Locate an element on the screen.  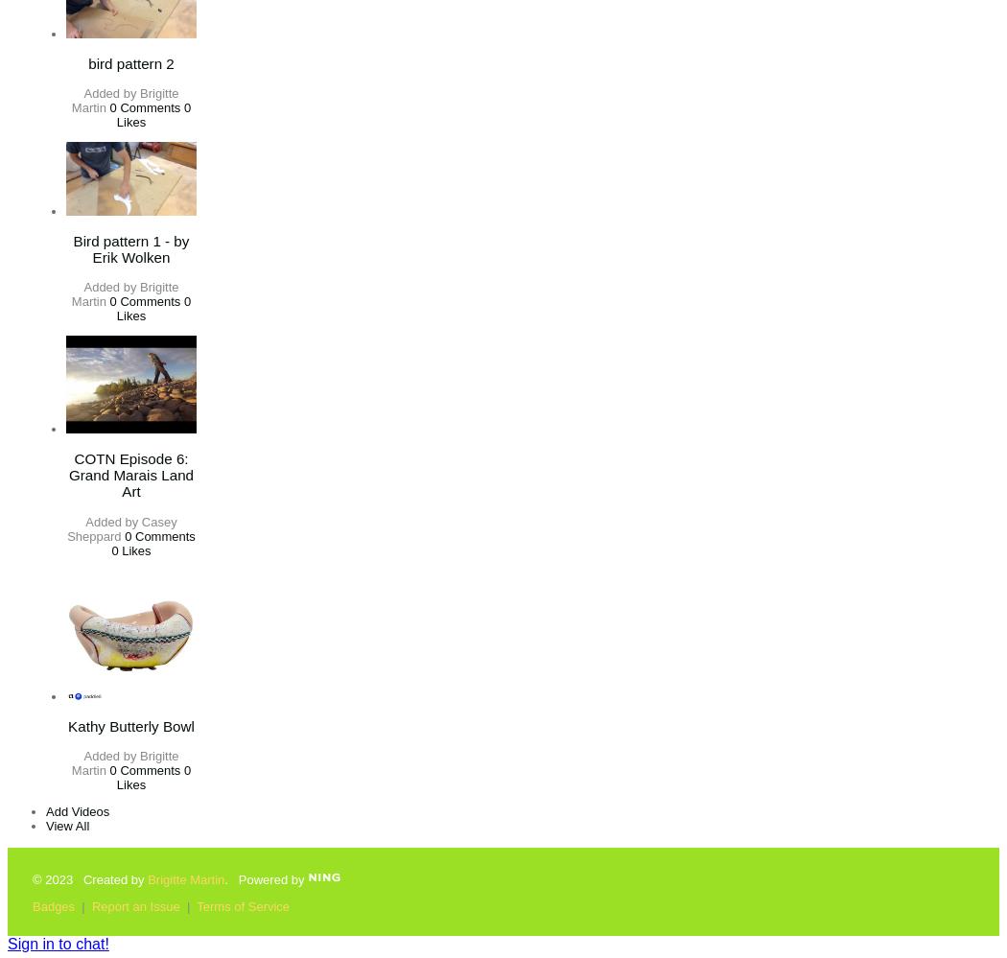
'Casey Sheppard' is located at coordinates (121, 527).